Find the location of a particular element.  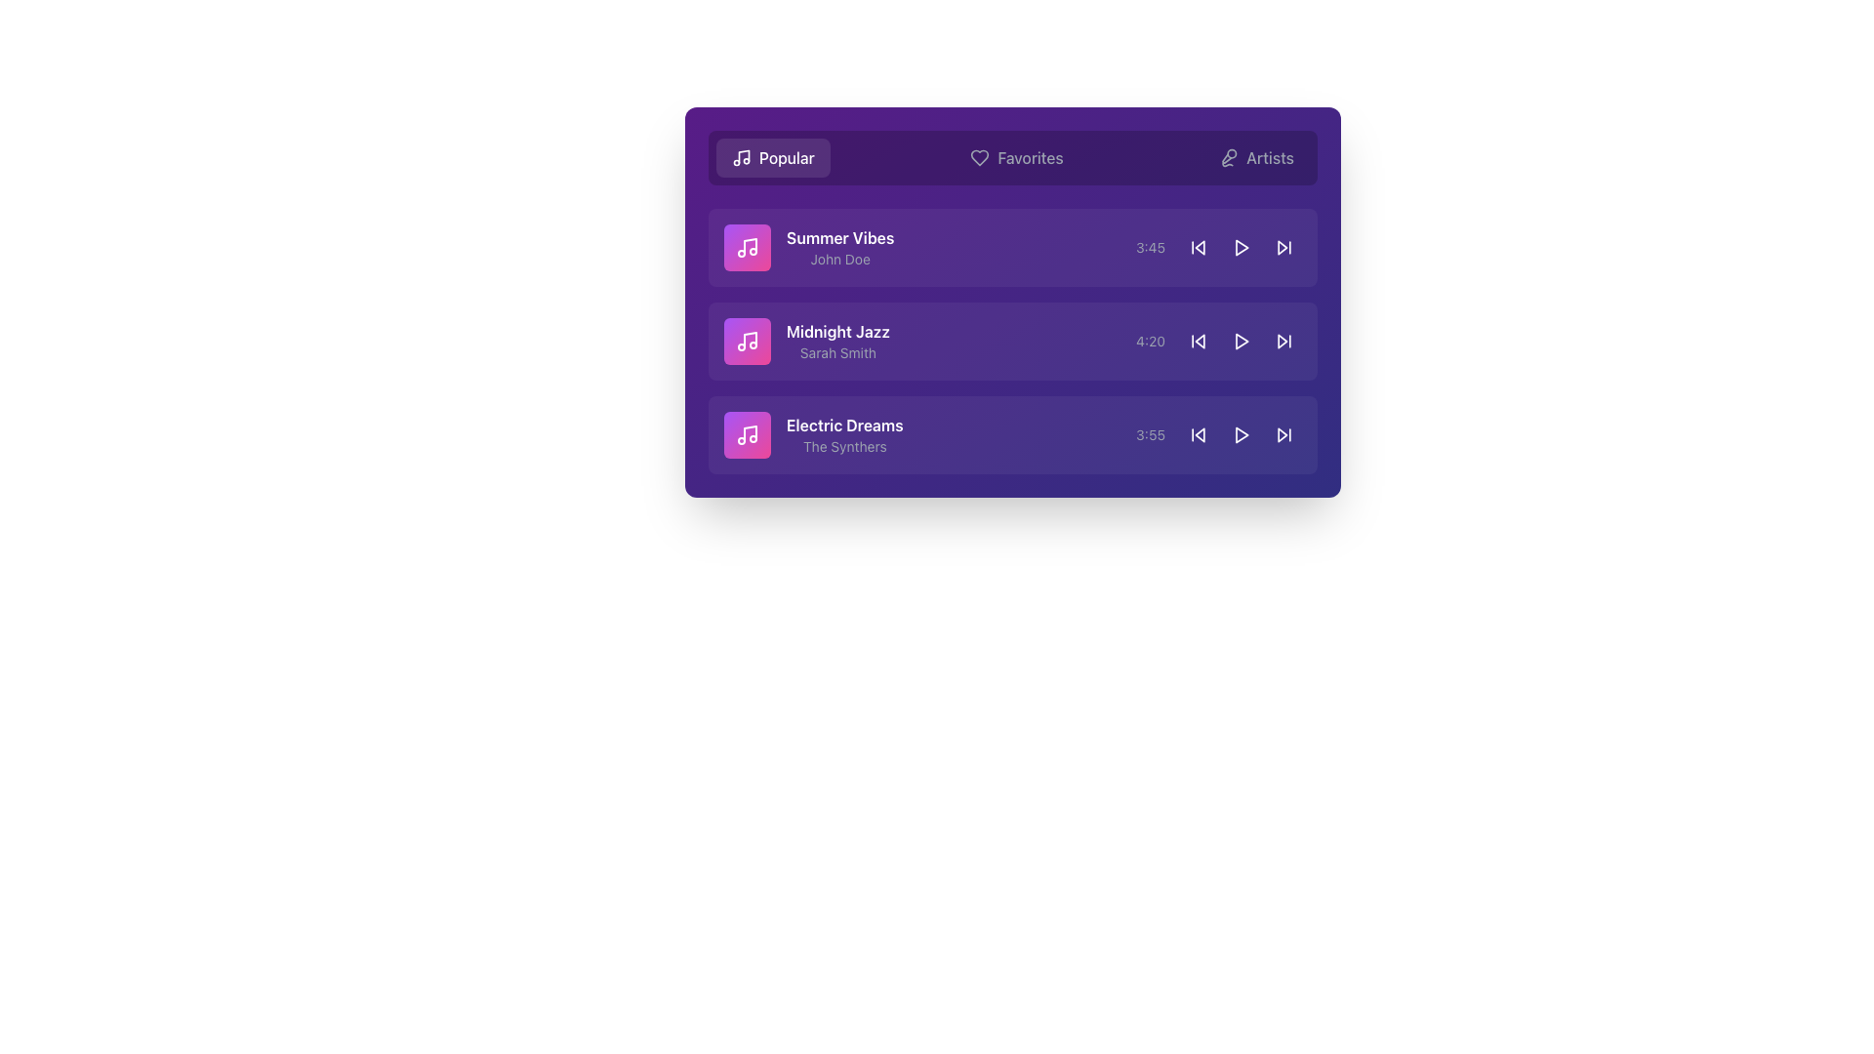

the music track icon representing 'Midnight Jazz' by 'Sarah Smith', which is the second item in the list of music tracks is located at coordinates (747, 341).